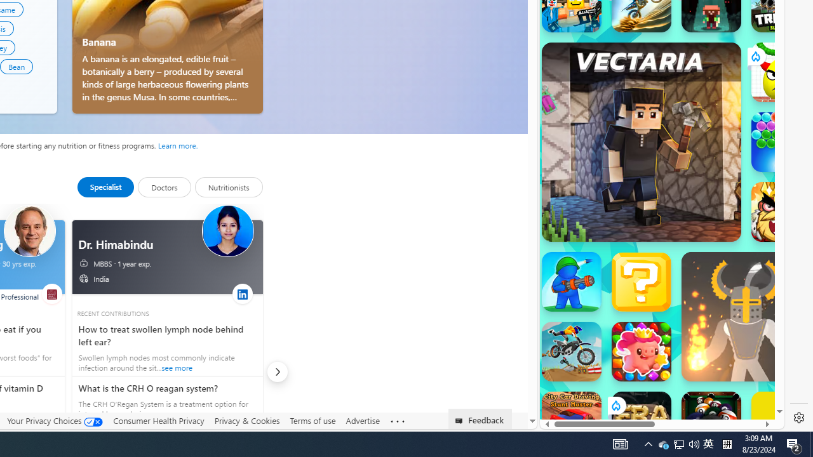 Image resolution: width=813 pixels, height=457 pixels. Describe the element at coordinates (694, 190) in the screenshot. I see `'Combat Reloaded'` at that location.